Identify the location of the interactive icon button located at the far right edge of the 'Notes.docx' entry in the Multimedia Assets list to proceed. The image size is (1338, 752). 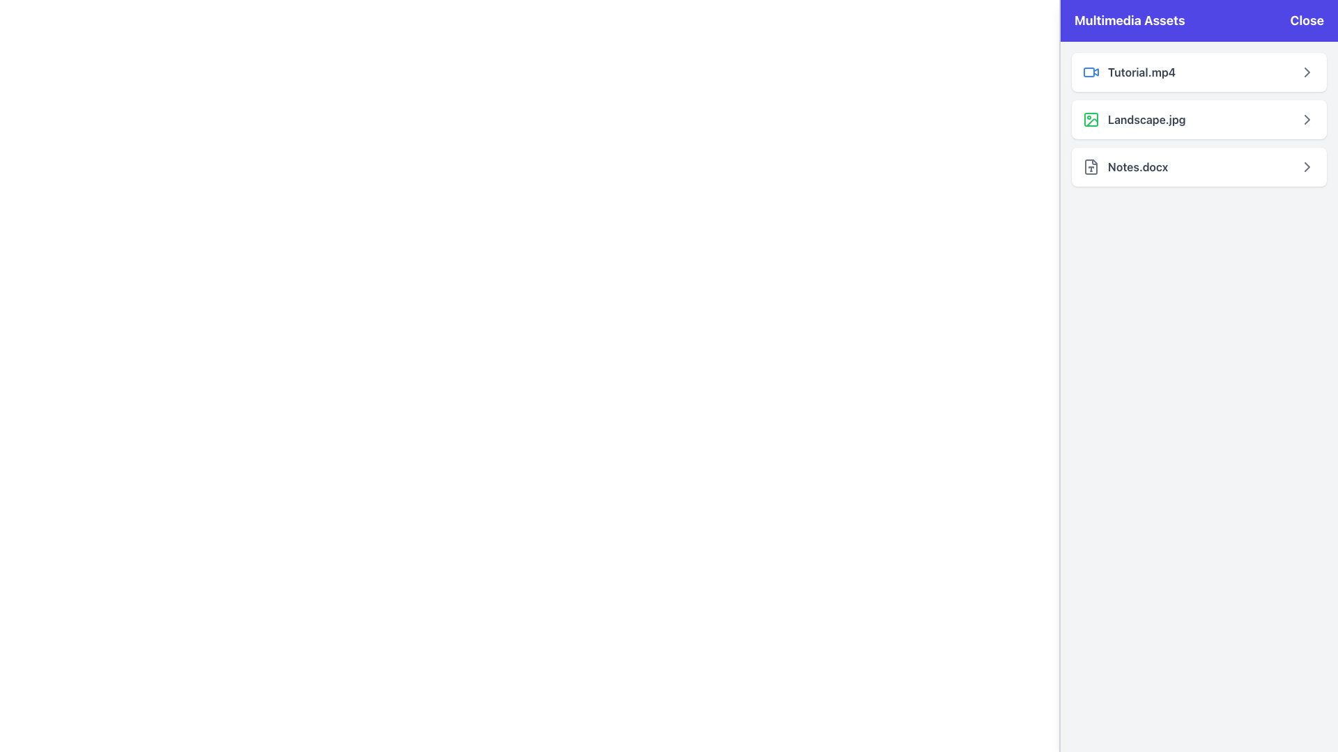
(1307, 166).